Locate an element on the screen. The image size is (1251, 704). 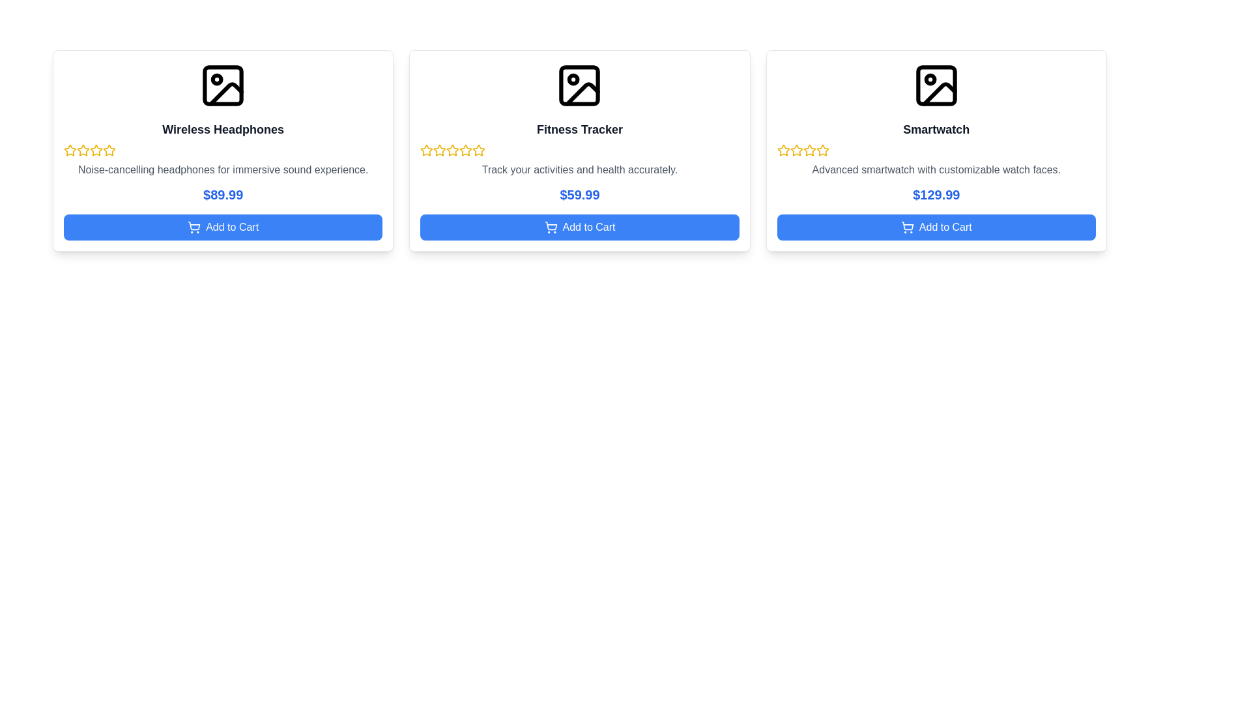
the 'Add to Cart' button for the 'Fitness Tracker' product located at the bottom of its product card, just below the price label '$59.99' is located at coordinates (579, 226).